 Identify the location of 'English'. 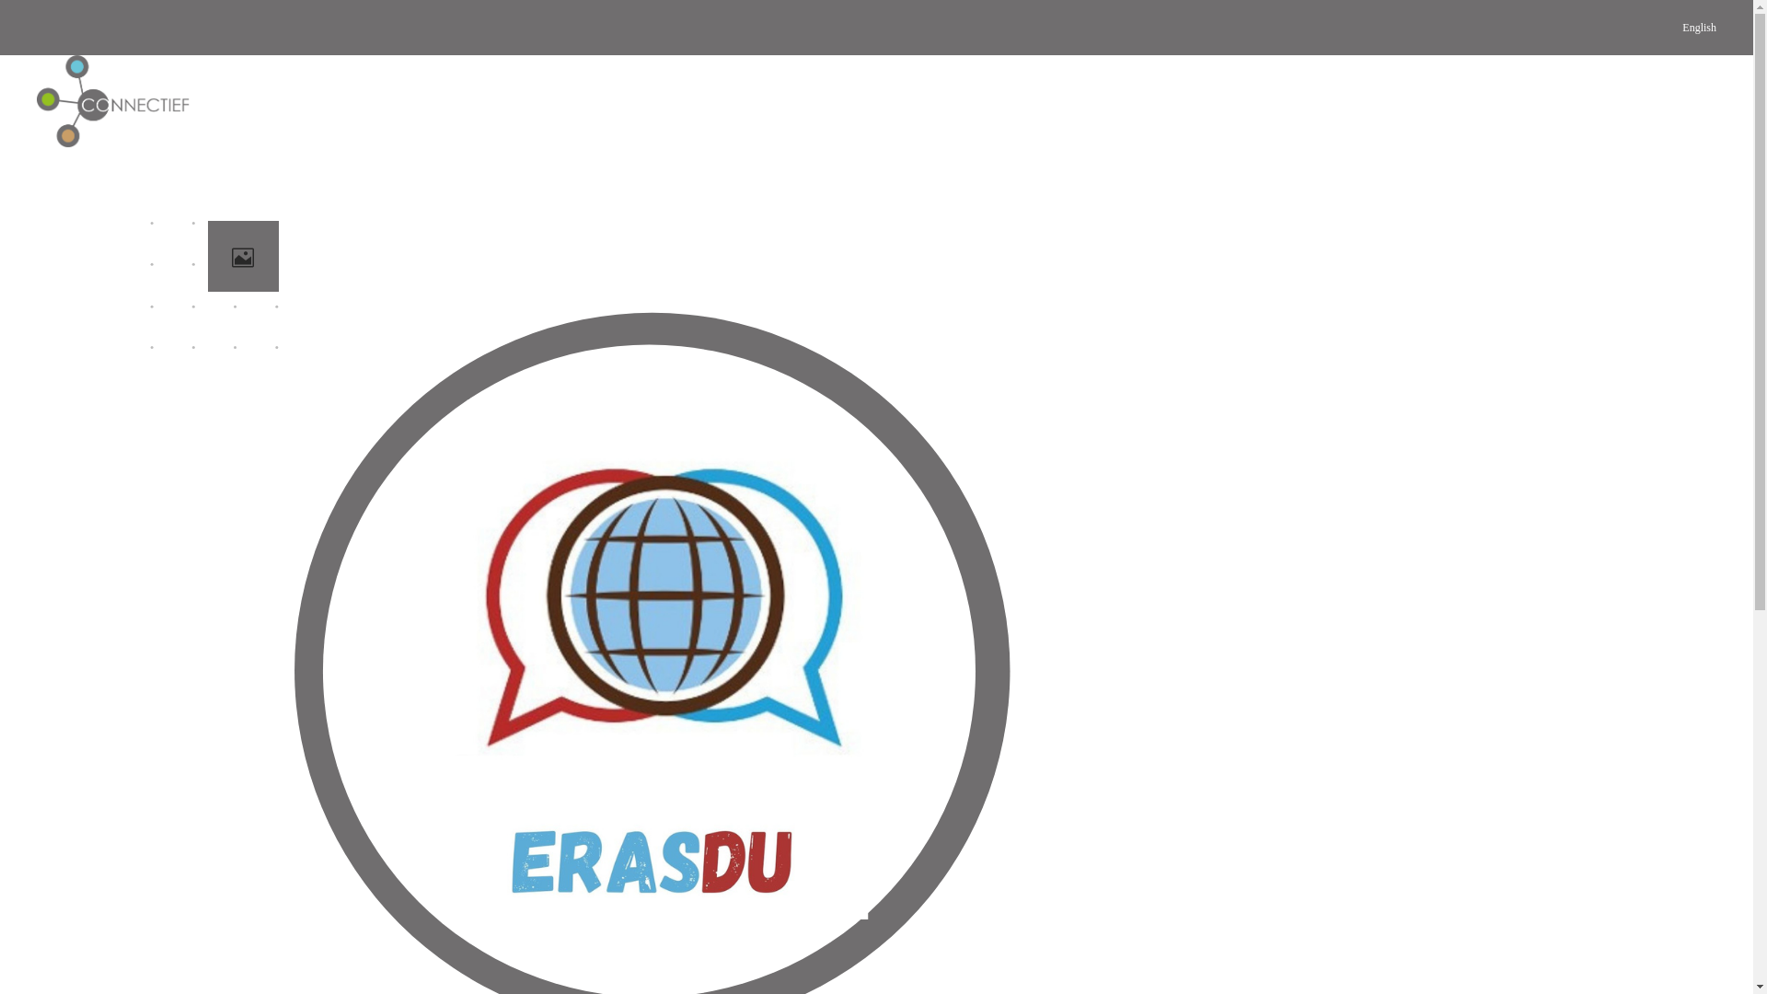
(1698, 28).